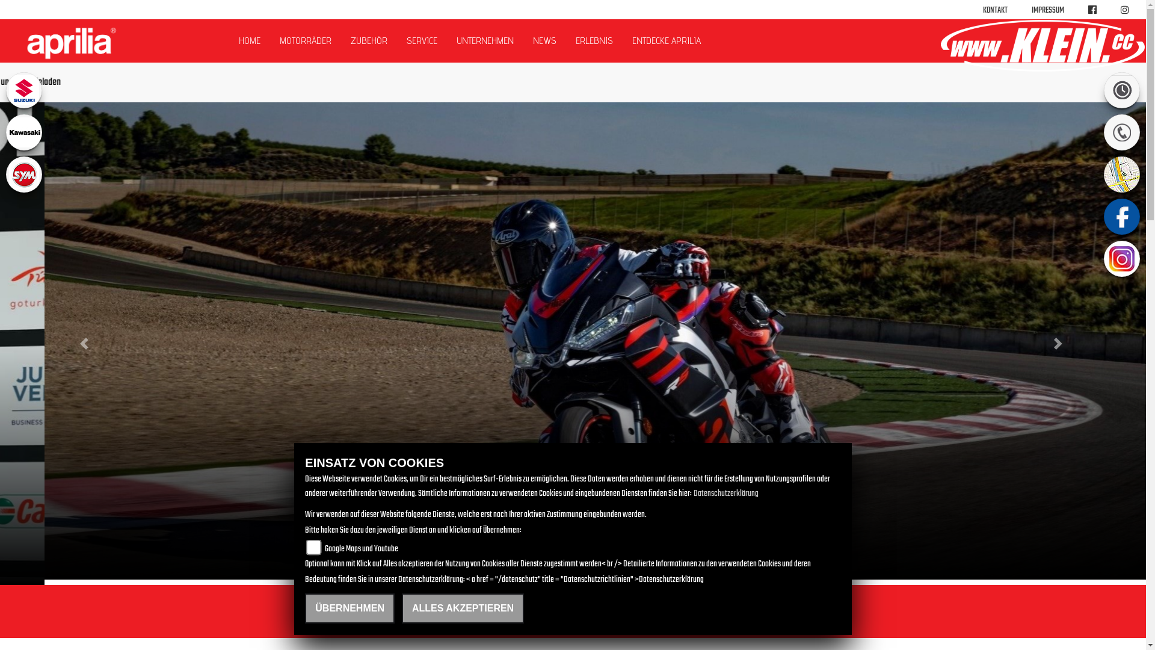 The image size is (1155, 650). Describe the element at coordinates (982, 10) in the screenshot. I see `'KONTAKT'` at that location.